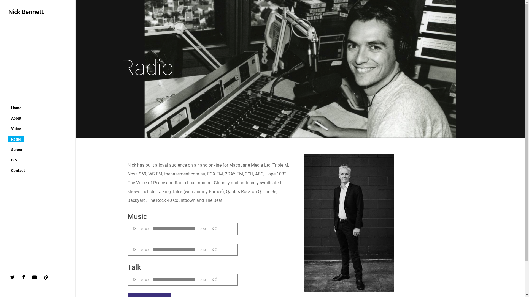 Image resolution: width=529 pixels, height=297 pixels. Describe the element at coordinates (18, 170) in the screenshot. I see `'Contact'` at that location.